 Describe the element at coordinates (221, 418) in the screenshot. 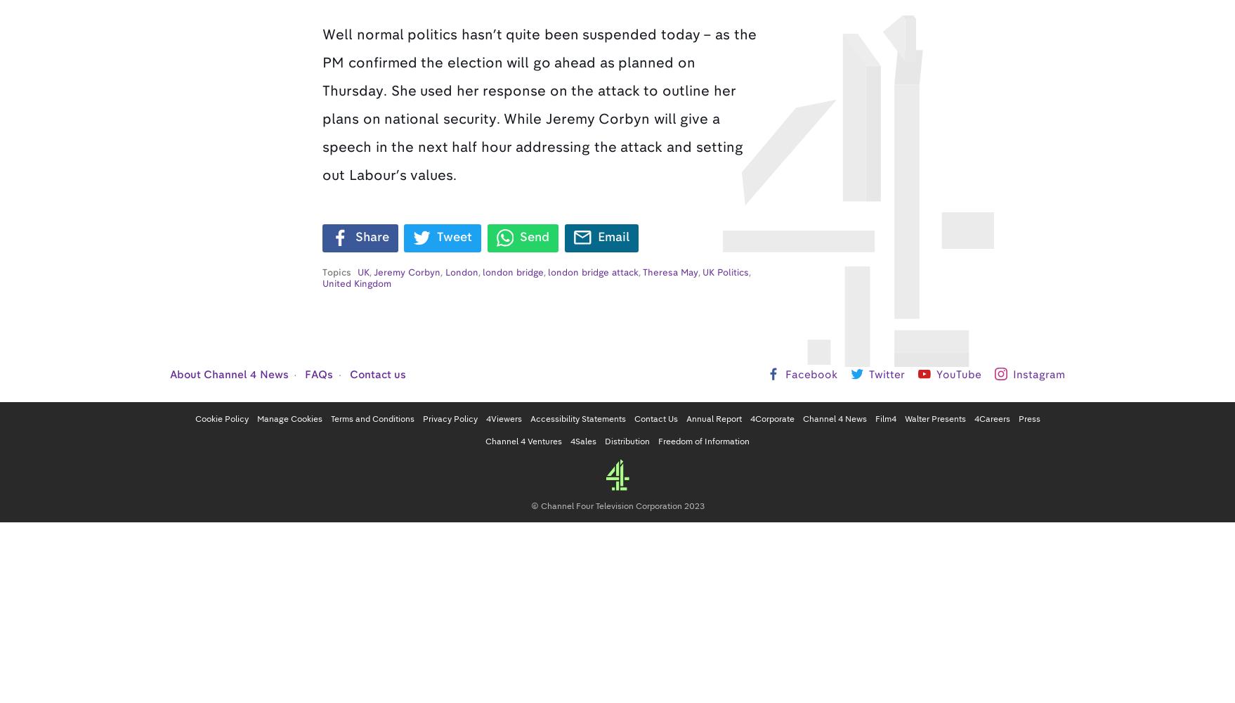

I see `'Cookie Policy'` at that location.